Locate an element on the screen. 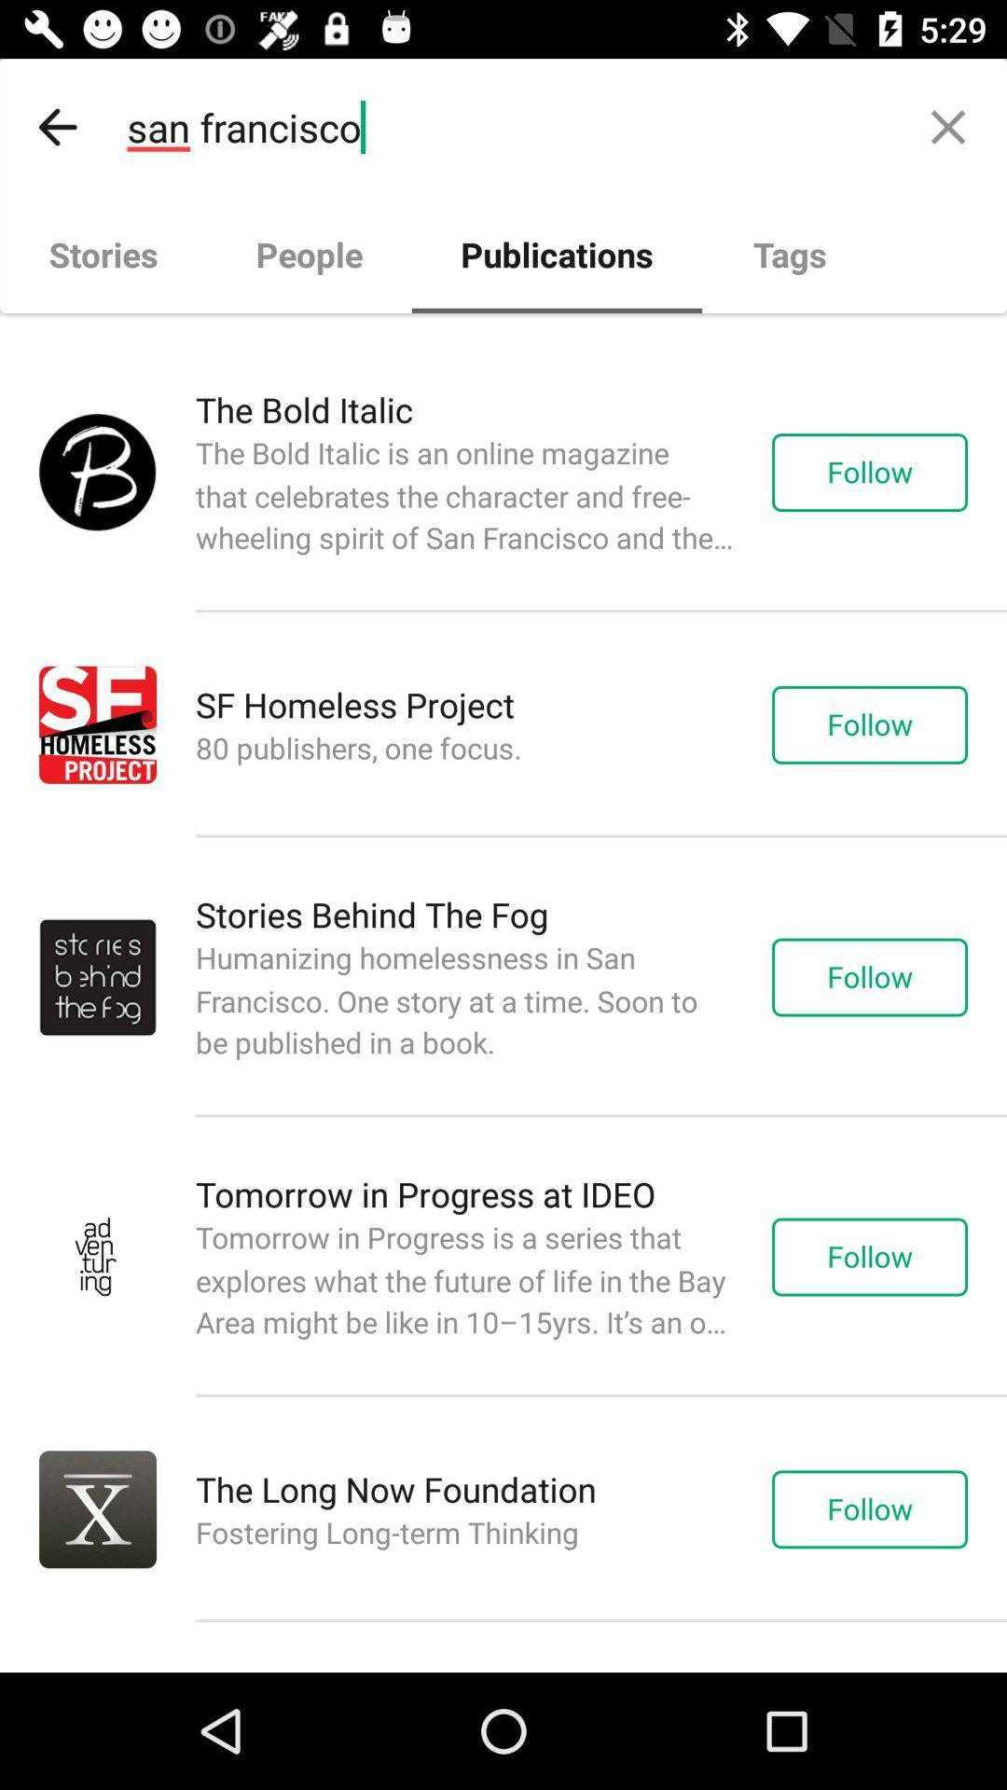  the mini image left next to stories behind the fog is located at coordinates (97, 977).